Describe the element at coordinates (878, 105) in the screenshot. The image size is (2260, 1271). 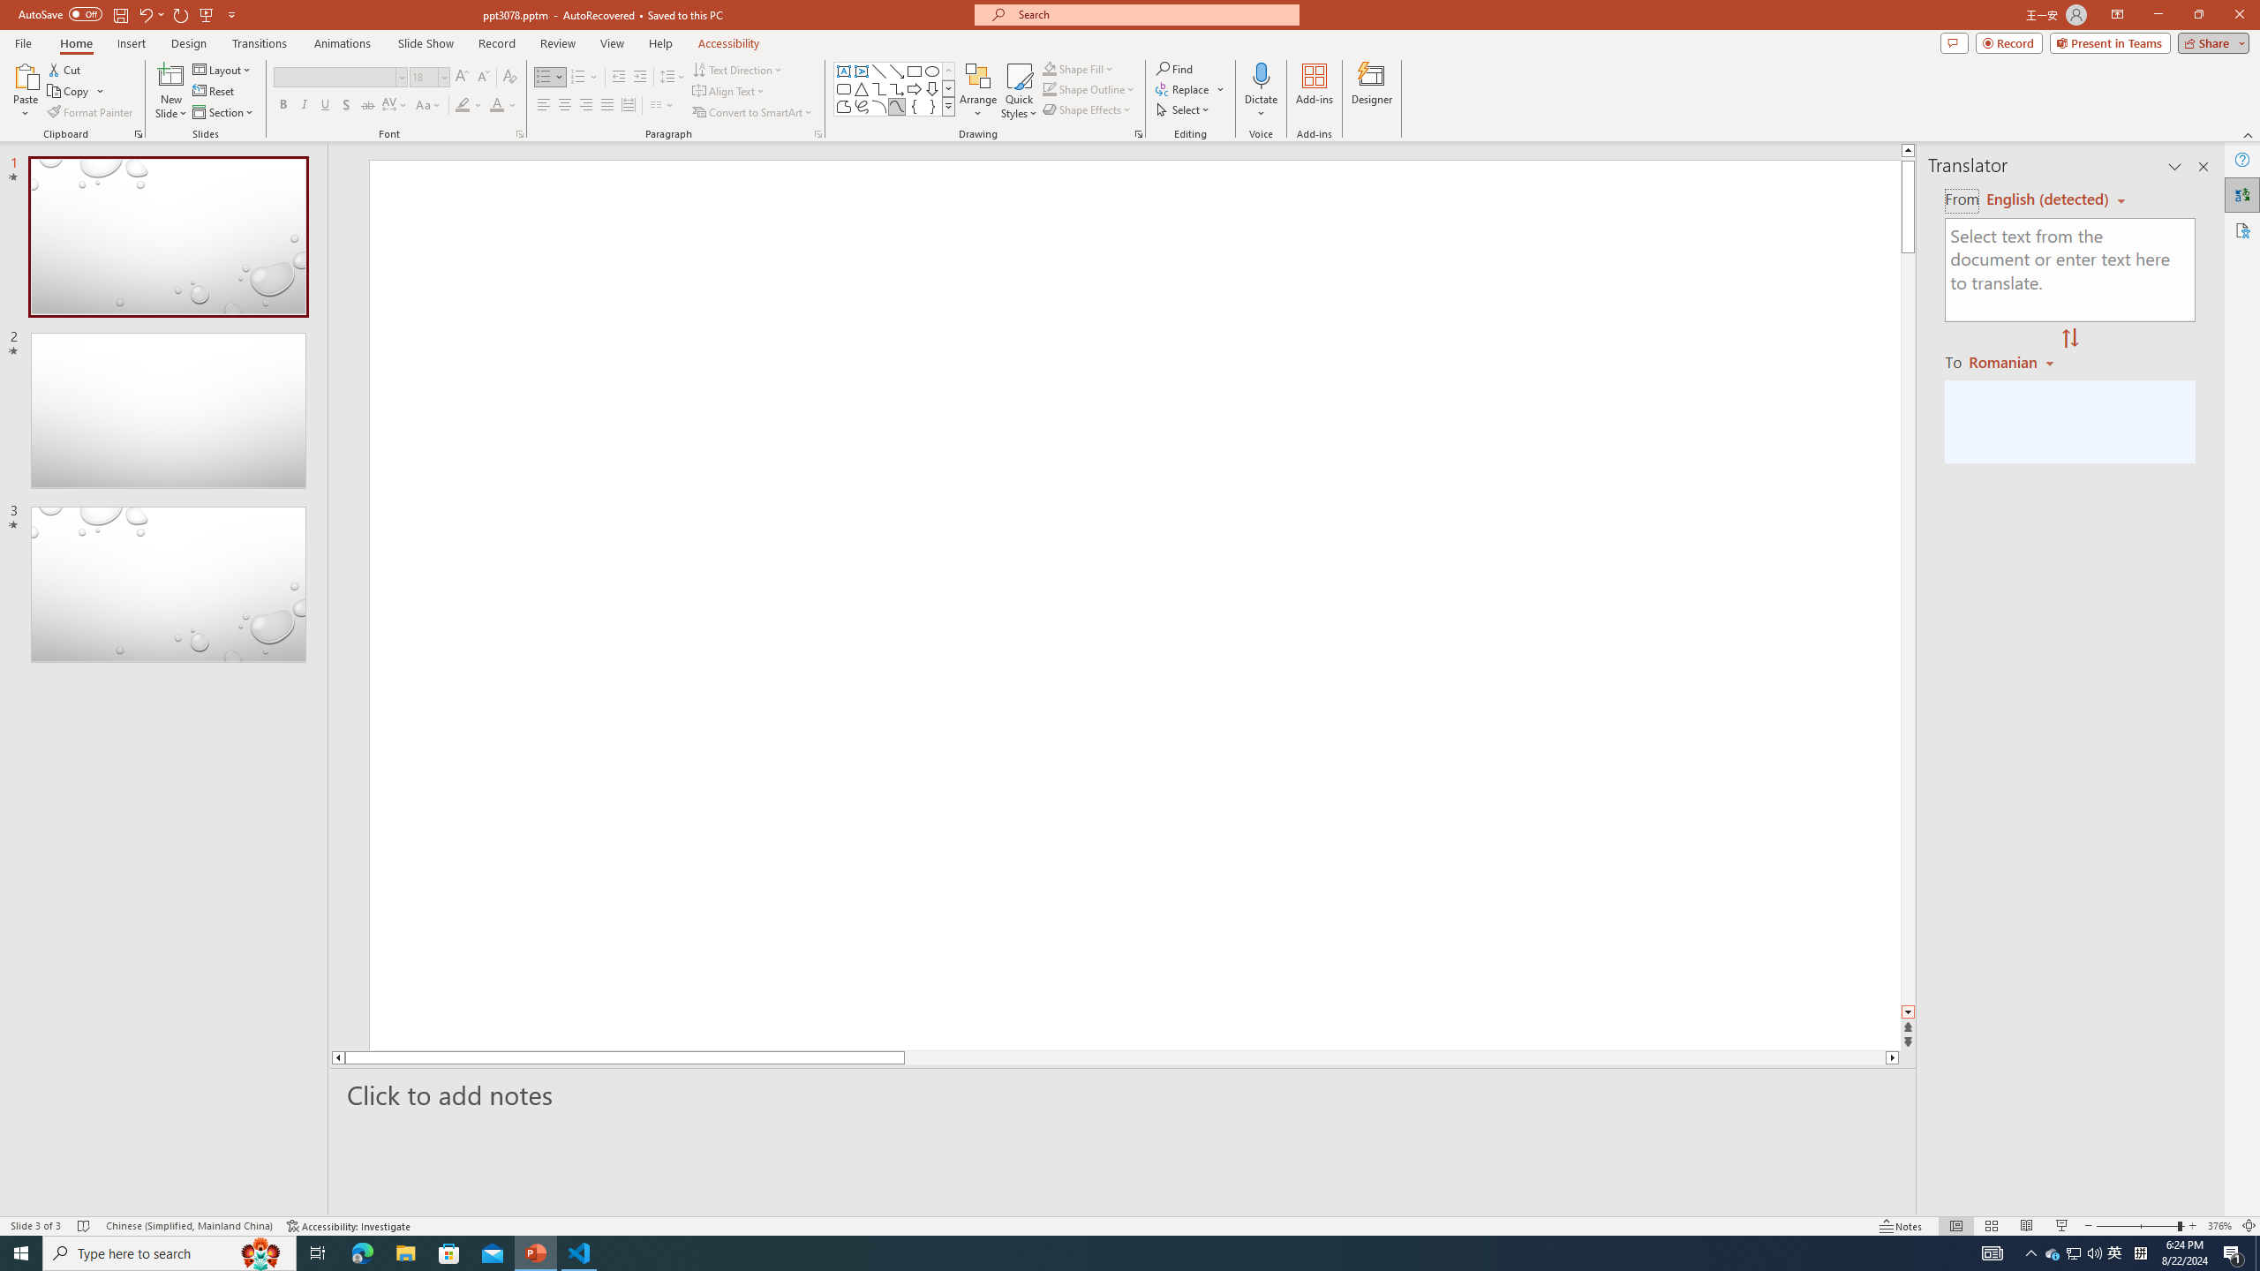
I see `'Arc'` at that location.